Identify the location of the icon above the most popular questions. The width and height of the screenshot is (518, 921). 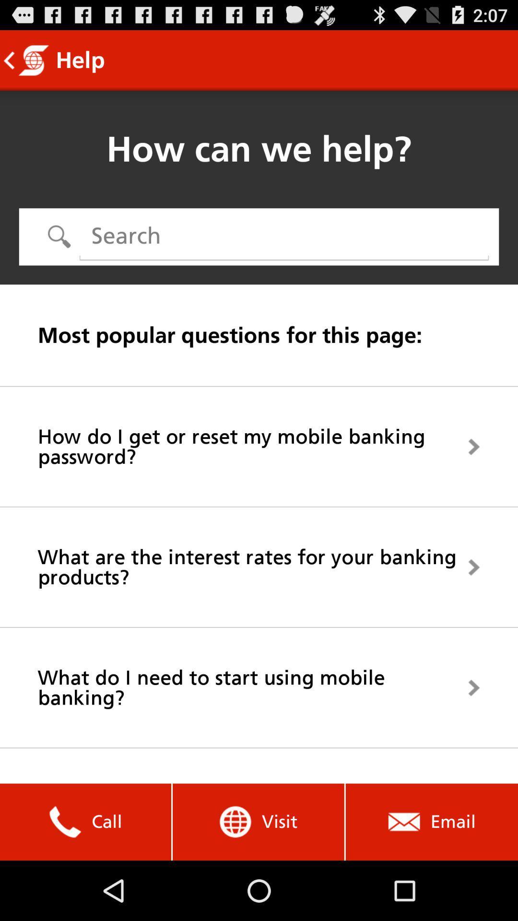
(283, 236).